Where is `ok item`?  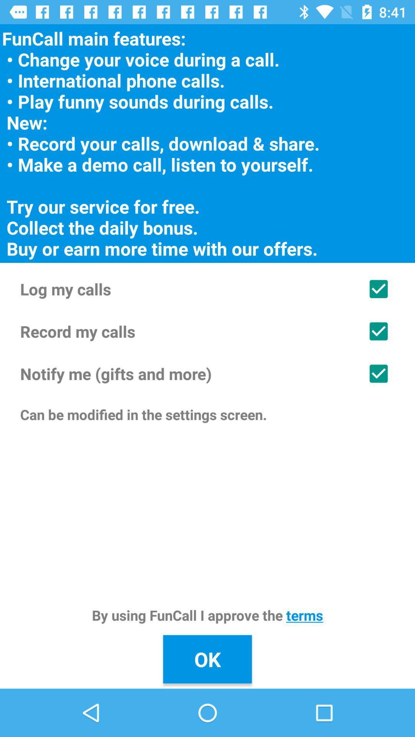
ok item is located at coordinates (207, 659).